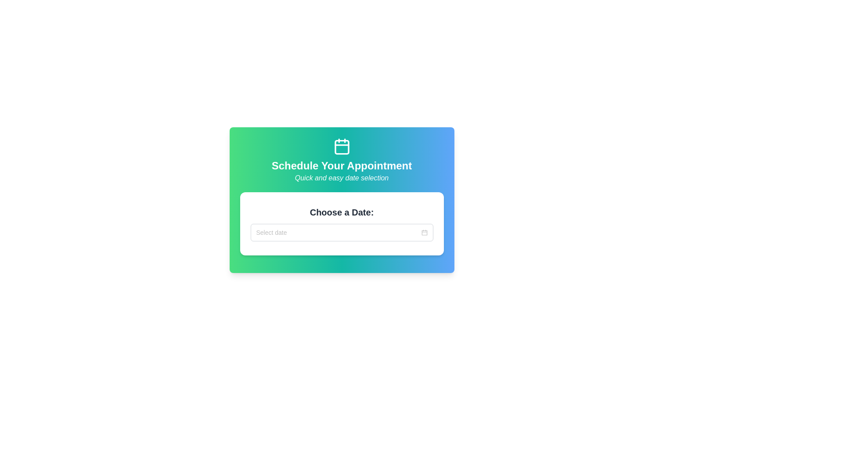 The image size is (843, 474). Describe the element at coordinates (424, 232) in the screenshot. I see `the calendar icon located at the far right end of the date input field` at that location.